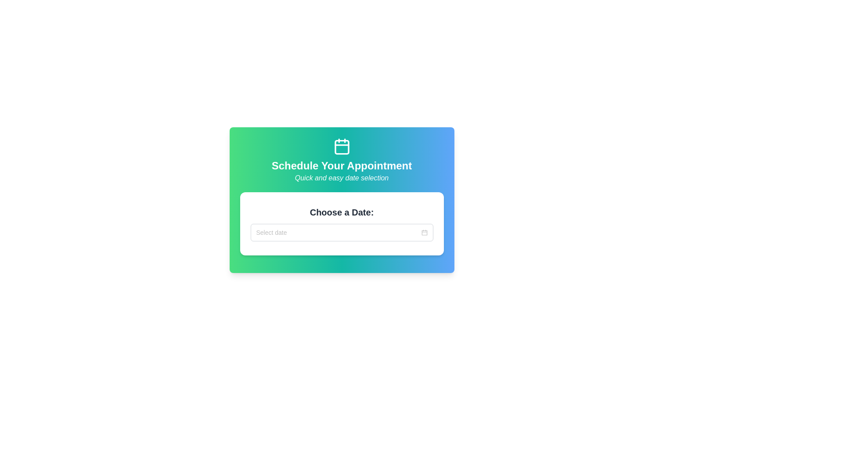 The image size is (843, 474). Describe the element at coordinates (424, 232) in the screenshot. I see `the calendar icon located at the far right end of the date input field` at that location.